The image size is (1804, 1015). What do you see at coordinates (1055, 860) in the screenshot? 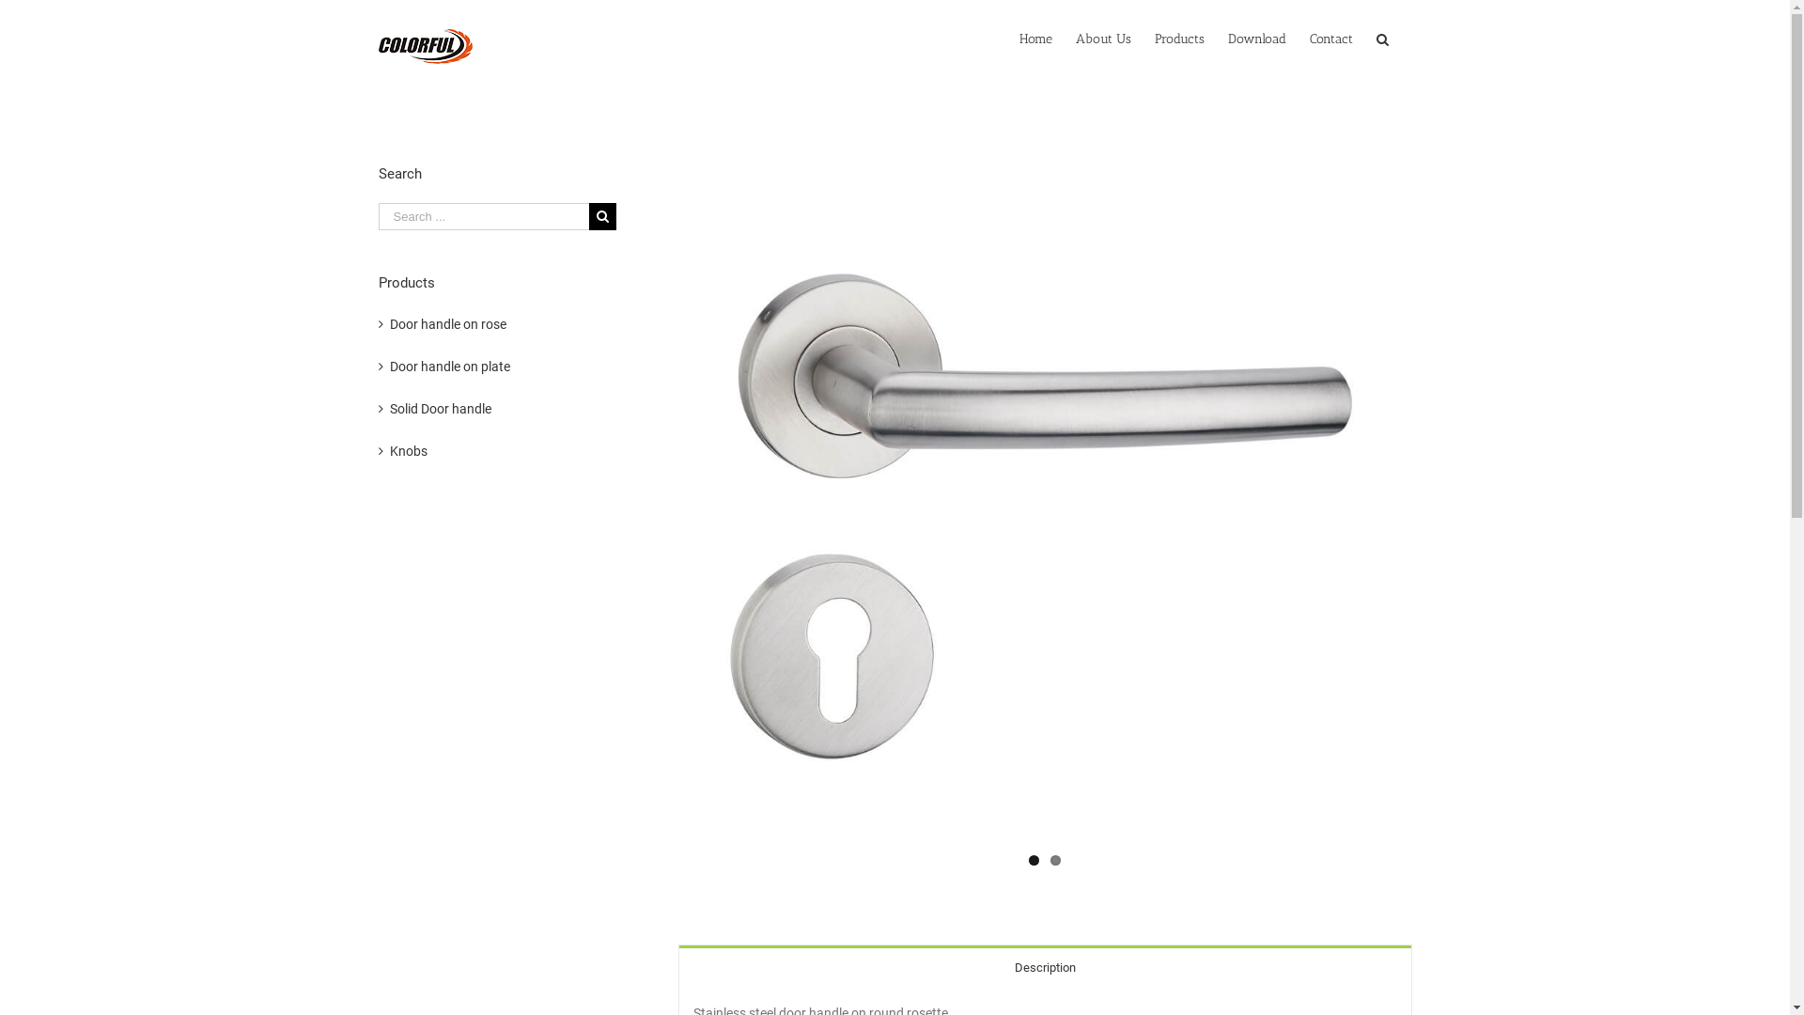
I see `'2'` at bounding box center [1055, 860].